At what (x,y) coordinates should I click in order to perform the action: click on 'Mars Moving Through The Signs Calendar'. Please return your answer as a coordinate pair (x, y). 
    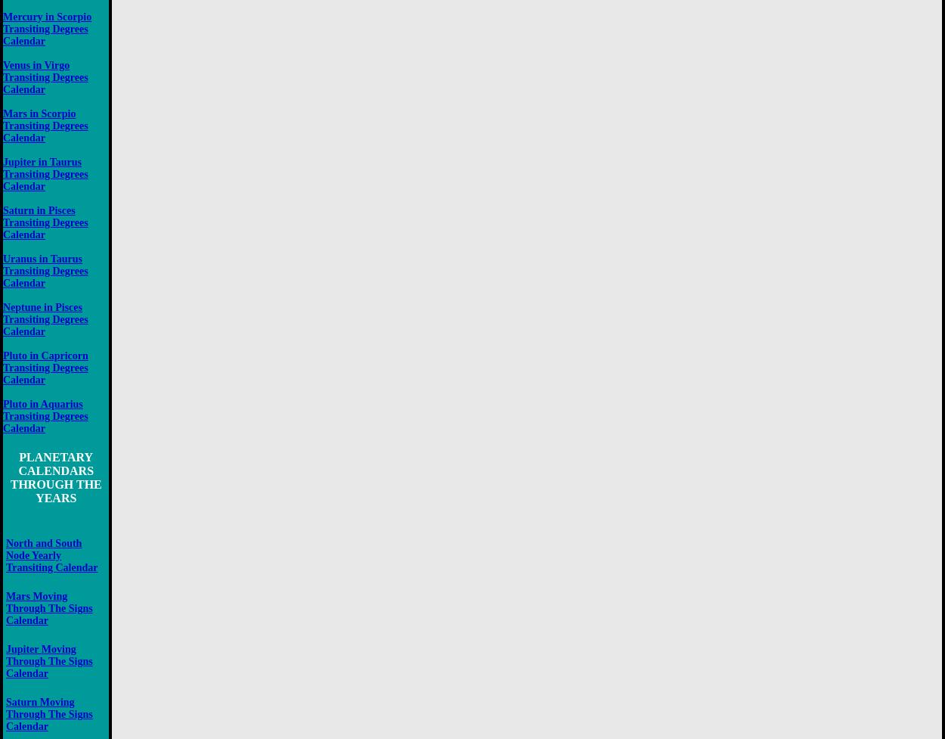
    Looking at the image, I should click on (48, 608).